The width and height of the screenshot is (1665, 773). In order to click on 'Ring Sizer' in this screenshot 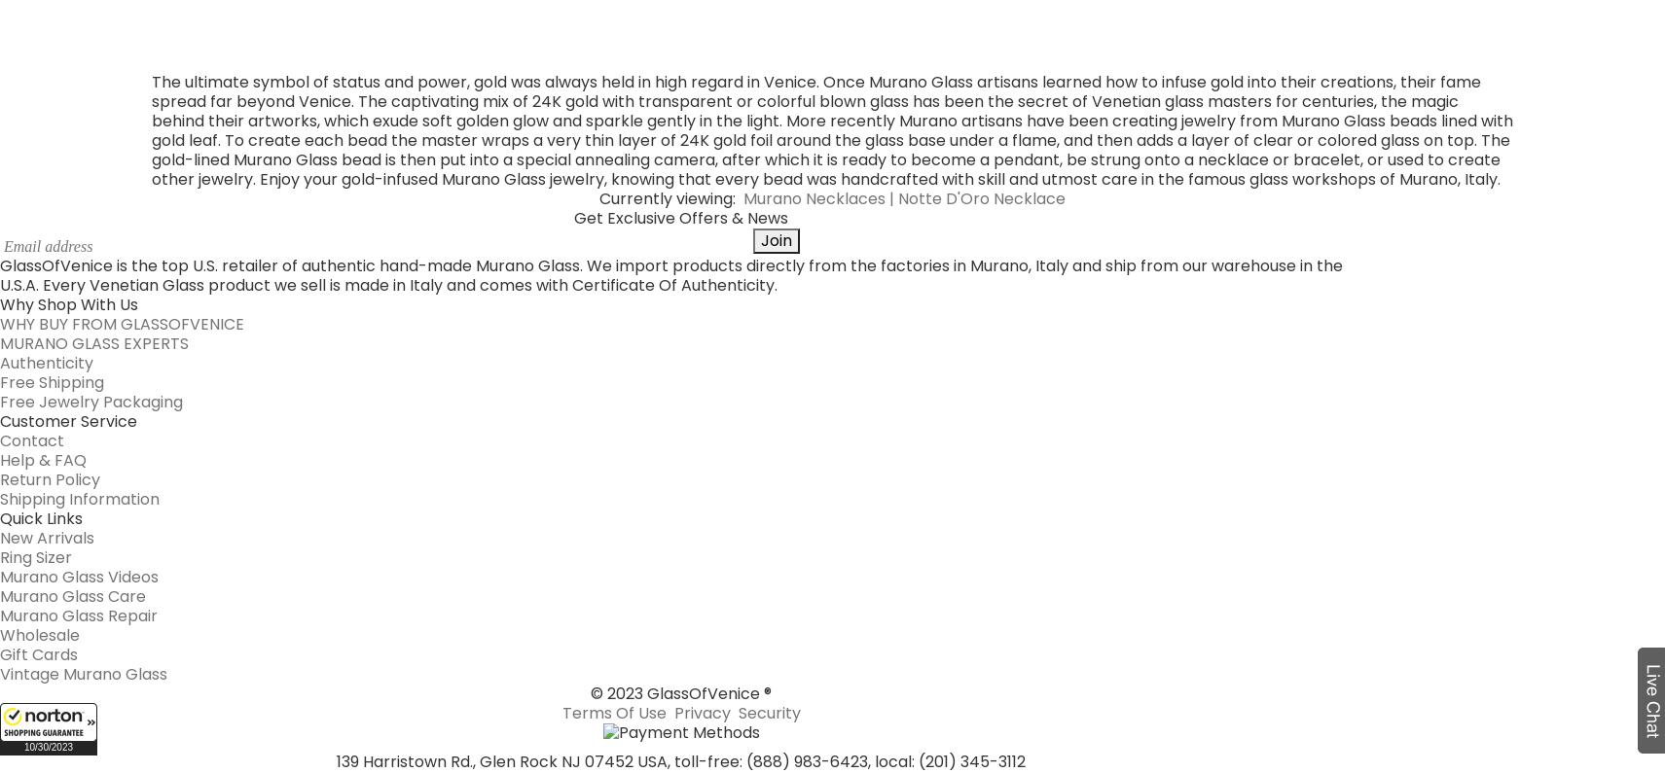, I will do `click(34, 199)`.